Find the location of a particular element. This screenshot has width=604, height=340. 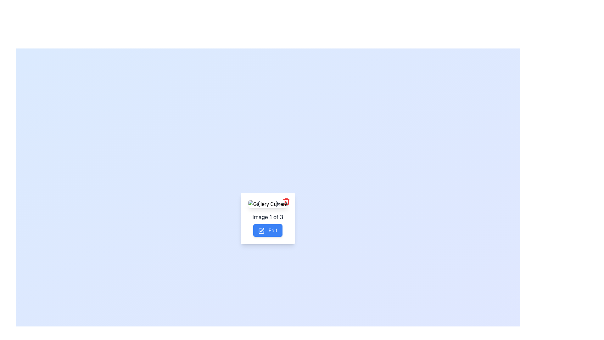

the 'Edit' button with a blue background and white text, located below 'Image 1 of 3' is located at coordinates (268, 224).